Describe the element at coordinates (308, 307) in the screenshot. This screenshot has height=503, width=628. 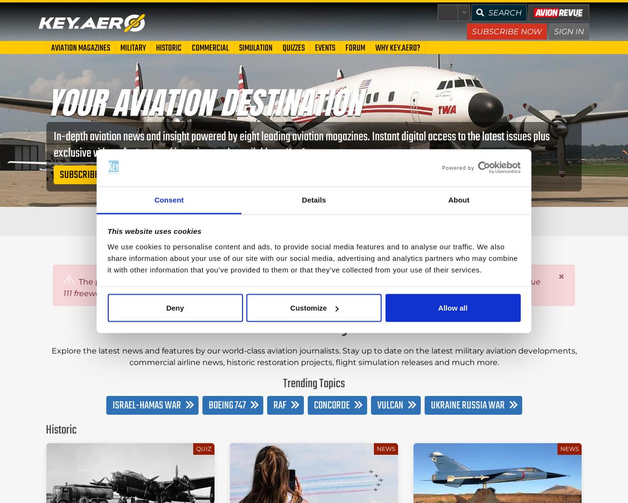
I see `'Customize'` at that location.